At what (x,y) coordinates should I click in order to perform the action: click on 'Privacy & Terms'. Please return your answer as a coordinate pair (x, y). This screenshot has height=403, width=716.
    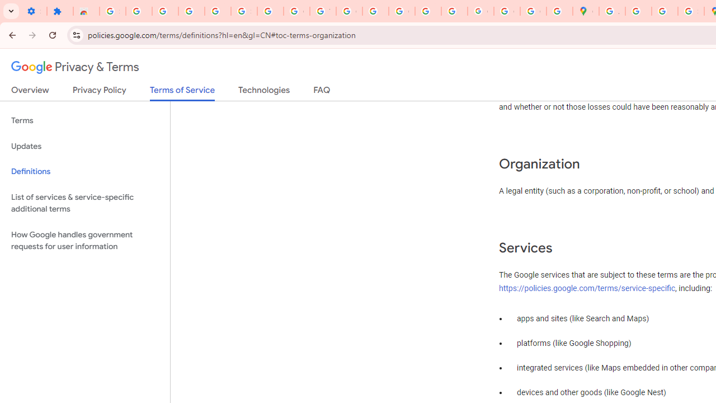
    Looking at the image, I should click on (75, 67).